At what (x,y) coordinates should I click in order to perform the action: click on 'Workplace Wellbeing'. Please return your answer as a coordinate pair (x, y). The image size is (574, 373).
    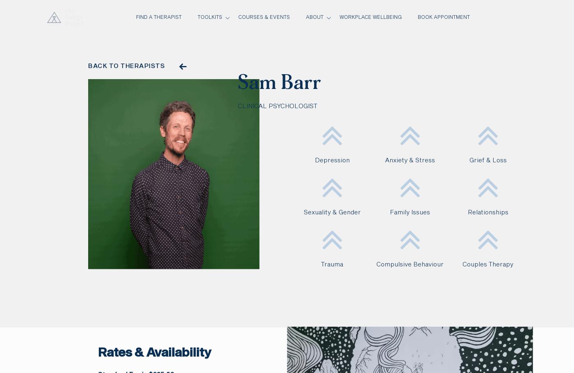
    Looking at the image, I should click on (339, 17).